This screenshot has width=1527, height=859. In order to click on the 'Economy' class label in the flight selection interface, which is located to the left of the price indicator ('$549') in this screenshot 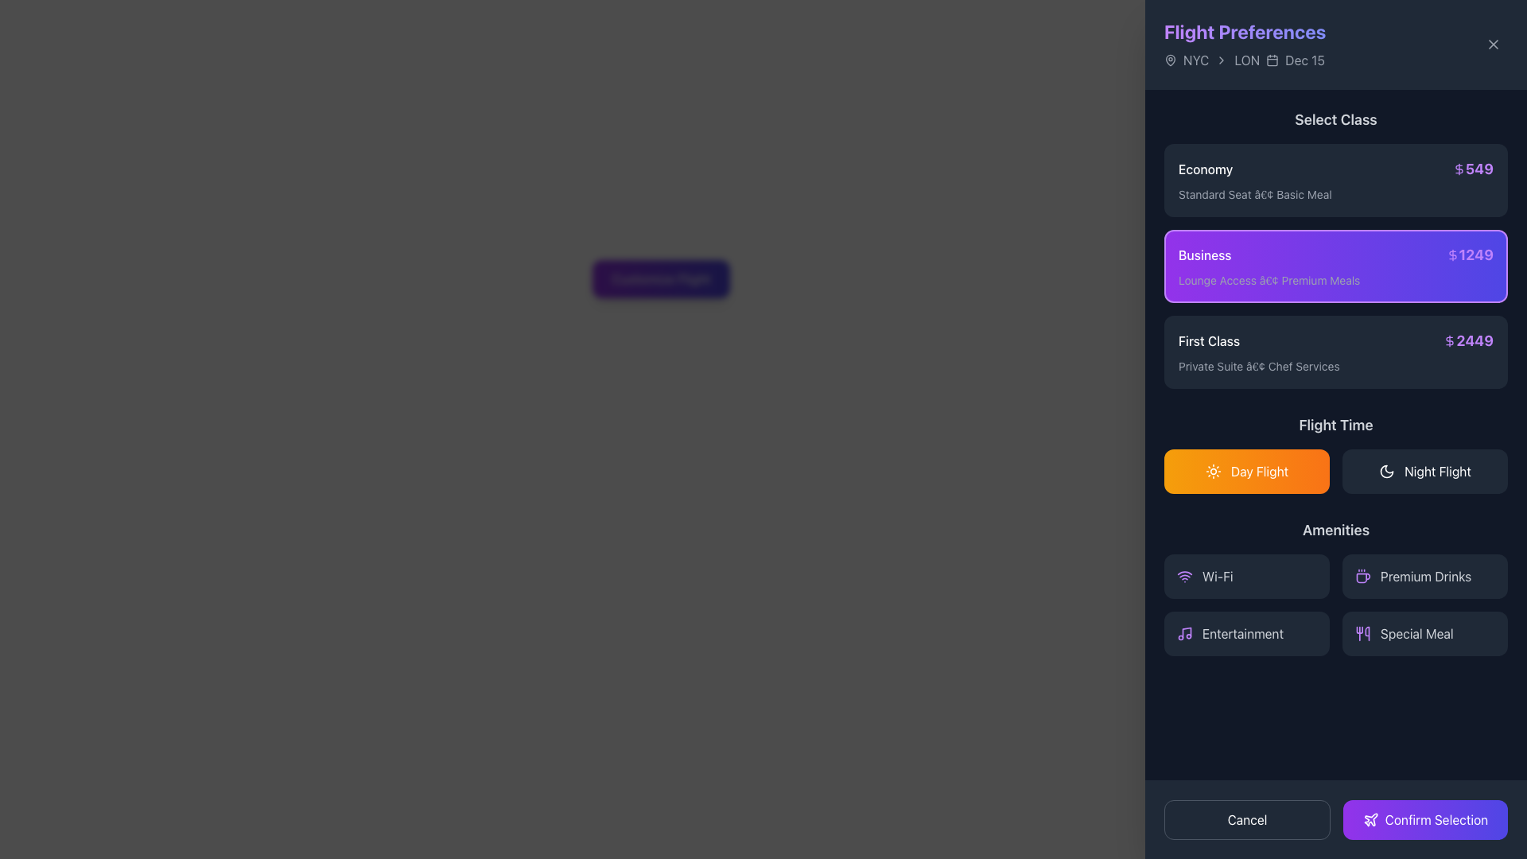, I will do `click(1206, 169)`.